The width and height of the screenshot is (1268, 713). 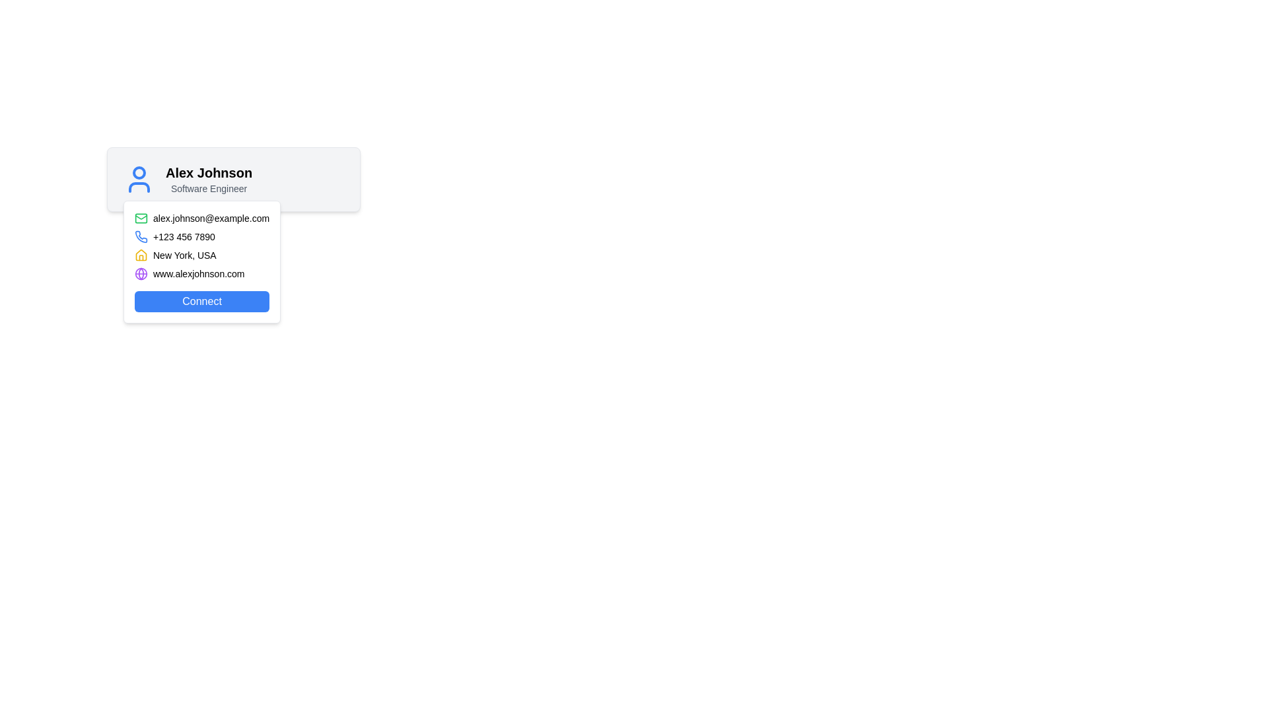 What do you see at coordinates (141, 273) in the screenshot?
I see `the purple filled circle, which is part of the globe icon in the user contact card layout` at bounding box center [141, 273].